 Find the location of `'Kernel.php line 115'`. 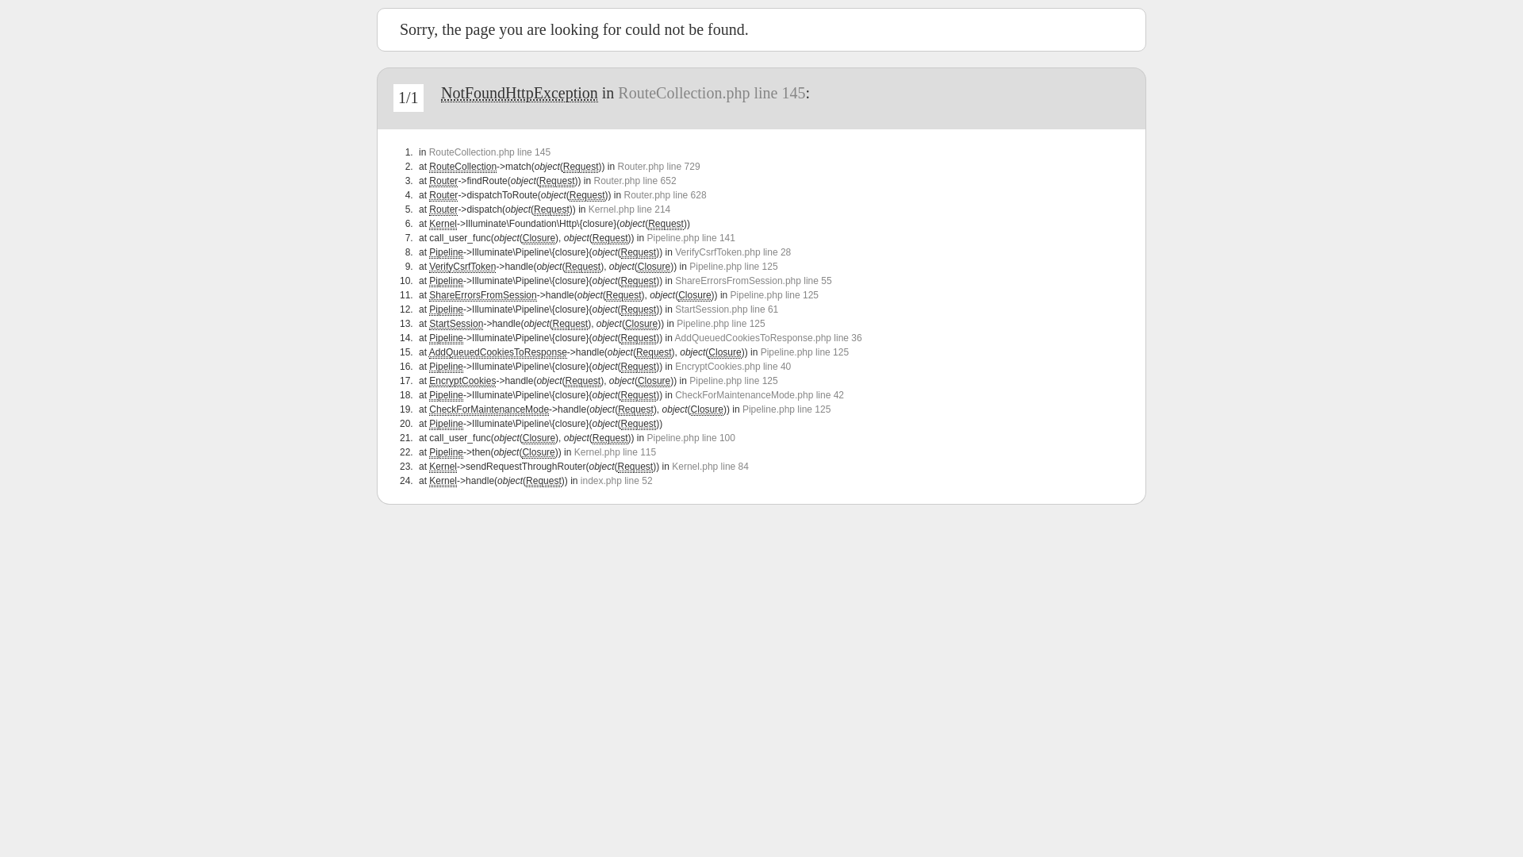

'Kernel.php line 115' is located at coordinates (614, 452).